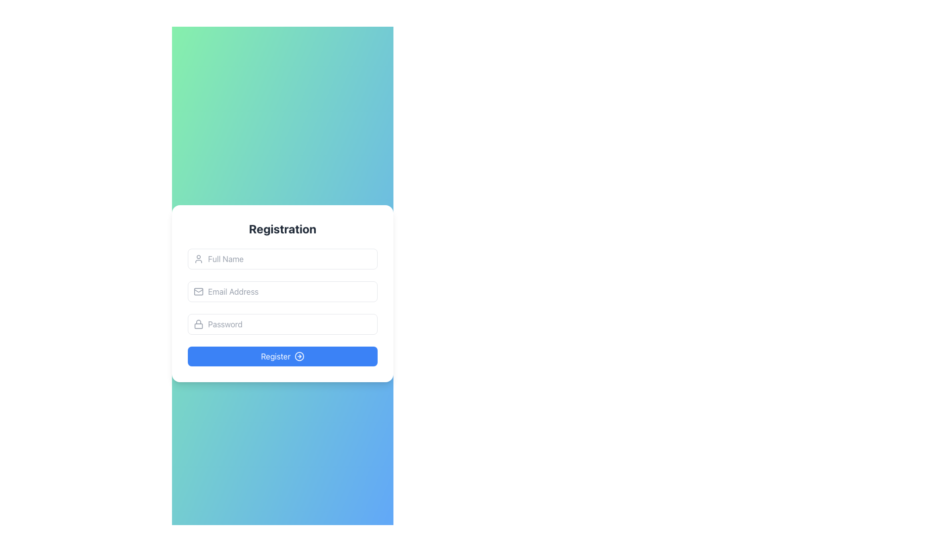 The image size is (949, 534). Describe the element at coordinates (282, 356) in the screenshot. I see `the 'Register' button with a blue background and white text, located at the bottom of the registration form for accessibility interactions` at that location.